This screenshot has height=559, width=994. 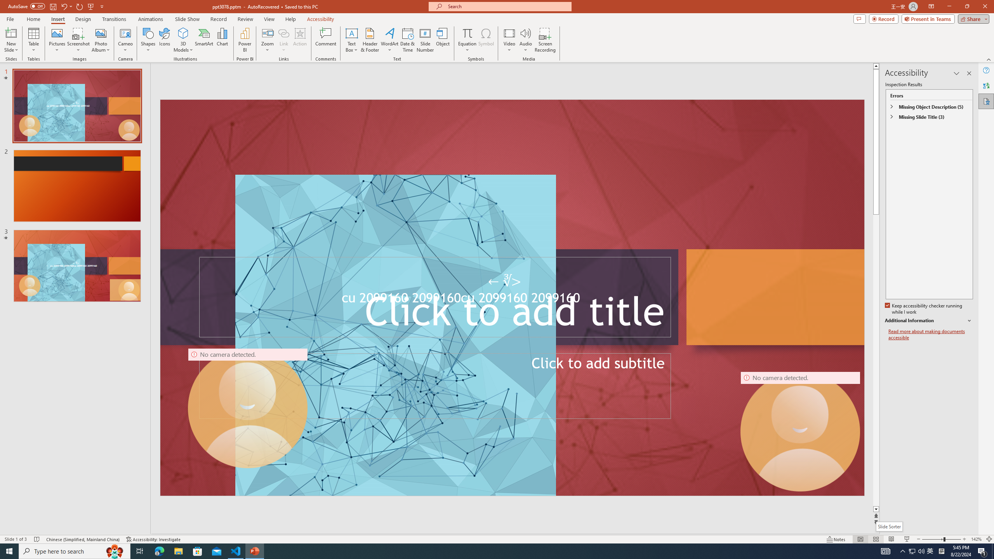 I want to click on 'Icons', so click(x=164, y=40).